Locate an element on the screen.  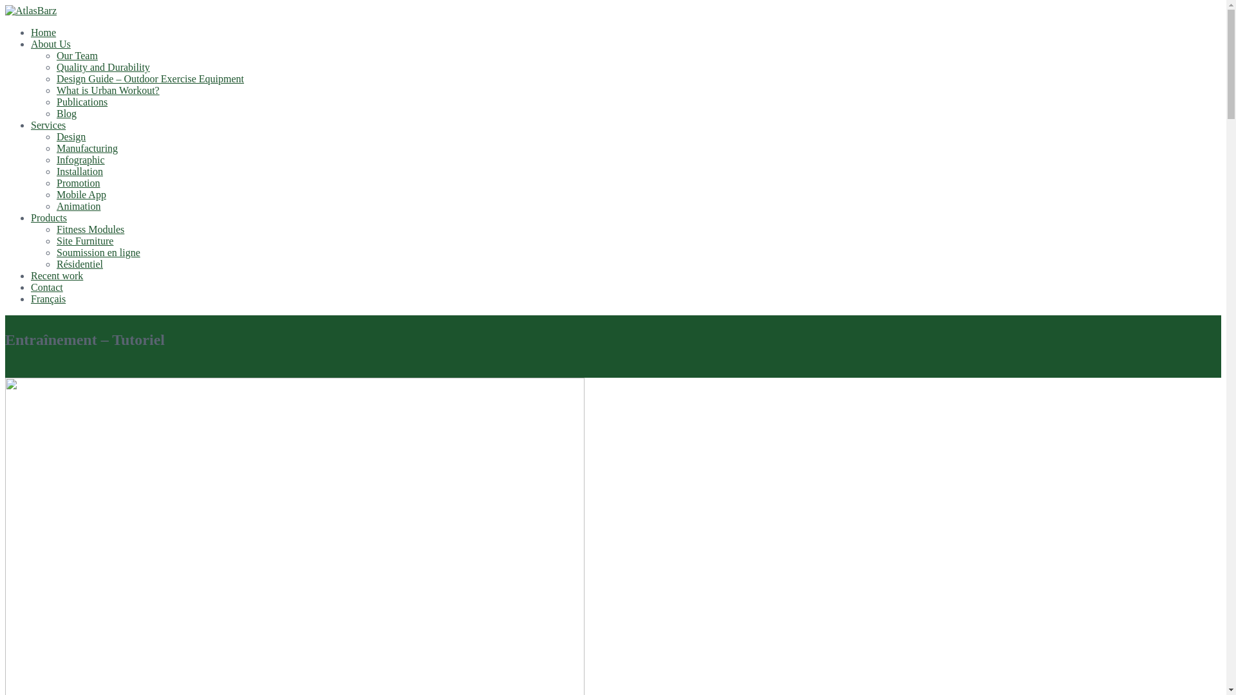
'Promotion' is located at coordinates (77, 183).